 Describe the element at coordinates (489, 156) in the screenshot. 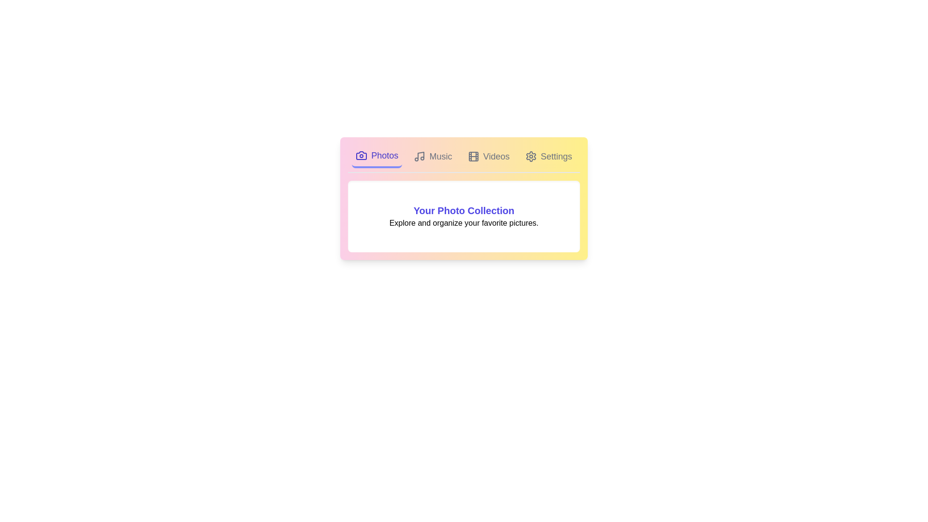

I see `the Videos tab to navigate to it` at that location.